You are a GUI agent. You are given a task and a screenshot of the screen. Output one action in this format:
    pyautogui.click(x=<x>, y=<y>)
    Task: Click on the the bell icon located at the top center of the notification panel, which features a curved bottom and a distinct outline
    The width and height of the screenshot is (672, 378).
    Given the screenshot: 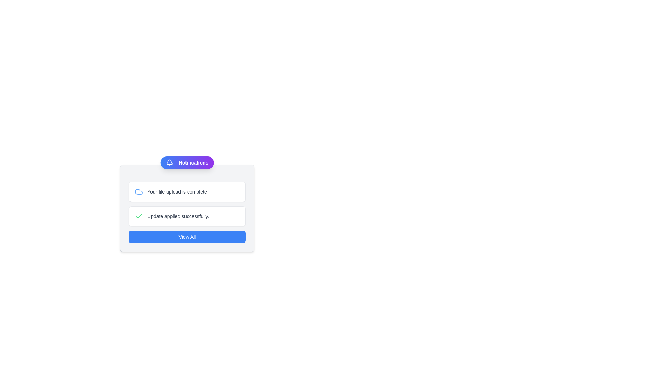 What is the action you would take?
    pyautogui.click(x=169, y=162)
    